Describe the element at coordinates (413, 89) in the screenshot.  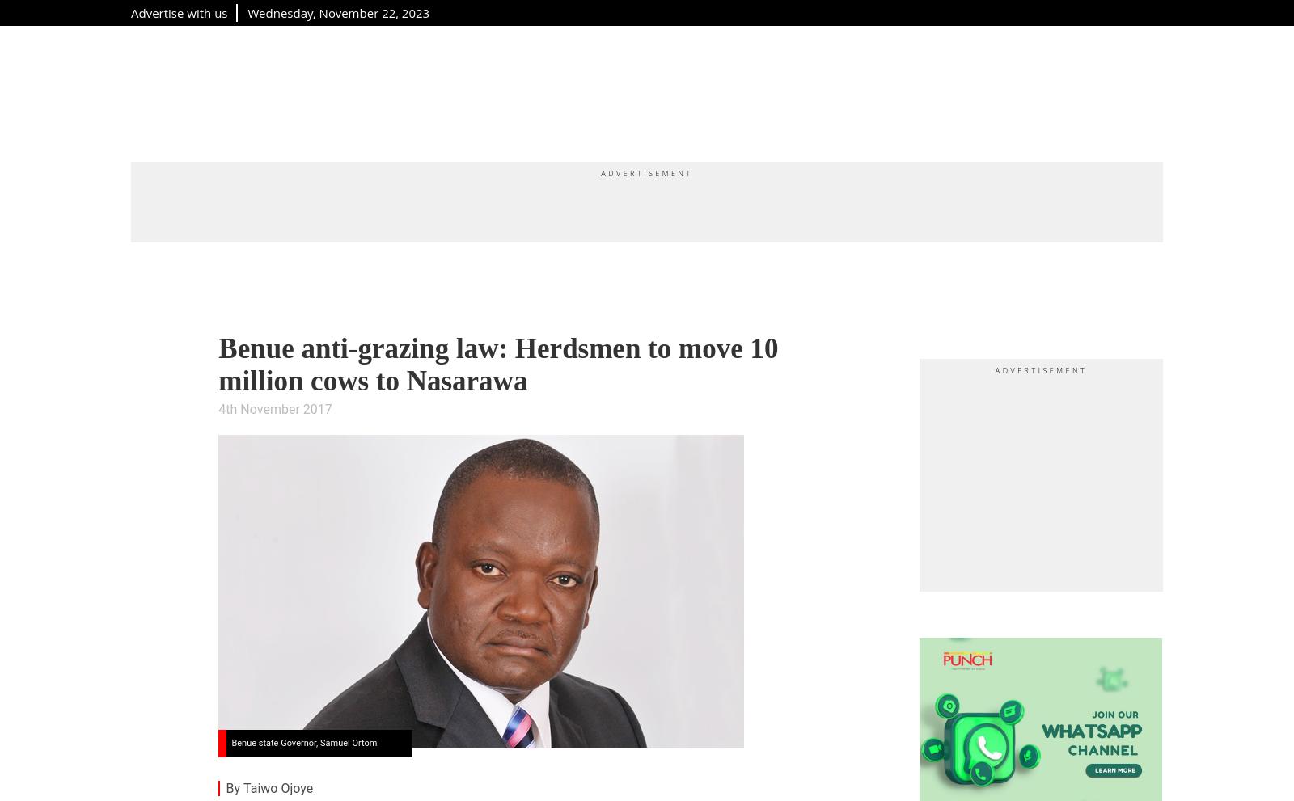
I see `'Metro Plus'` at that location.